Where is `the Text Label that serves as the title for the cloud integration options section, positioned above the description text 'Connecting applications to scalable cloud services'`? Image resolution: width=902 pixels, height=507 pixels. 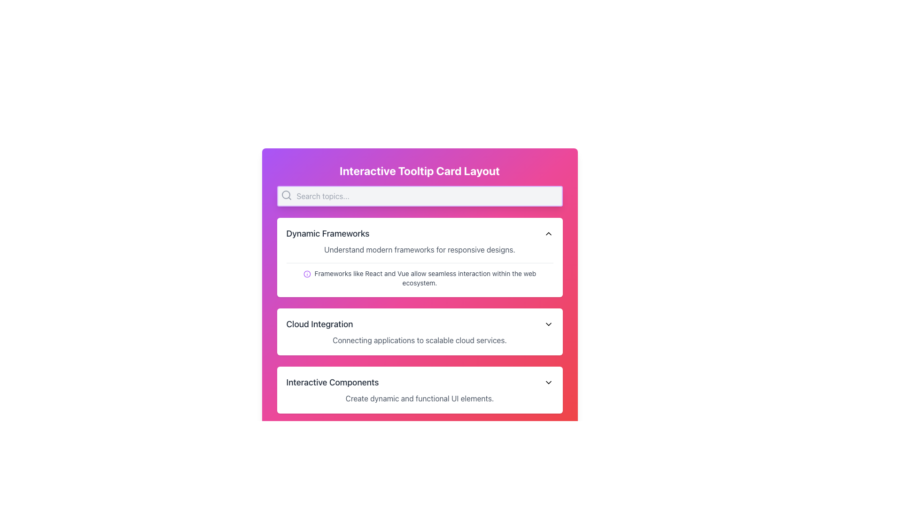
the Text Label that serves as the title for the cloud integration options section, positioned above the description text 'Connecting applications to scalable cloud services' is located at coordinates (319, 323).